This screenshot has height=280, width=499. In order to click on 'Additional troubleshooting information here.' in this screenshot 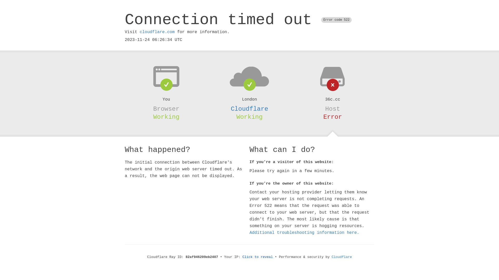, I will do `click(304, 233)`.